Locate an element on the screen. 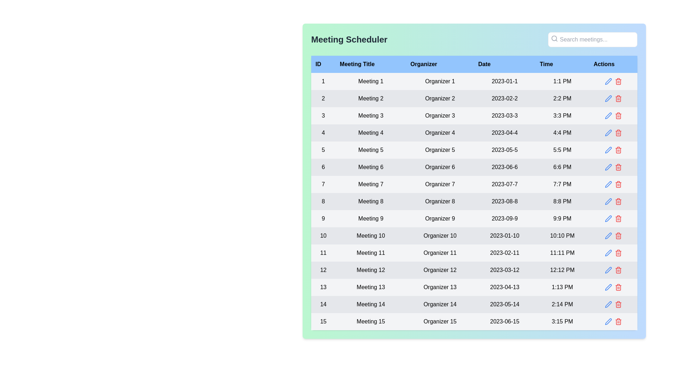  the text input field used for filtering meeting entries, located at the top right of the page header is located at coordinates (593, 40).